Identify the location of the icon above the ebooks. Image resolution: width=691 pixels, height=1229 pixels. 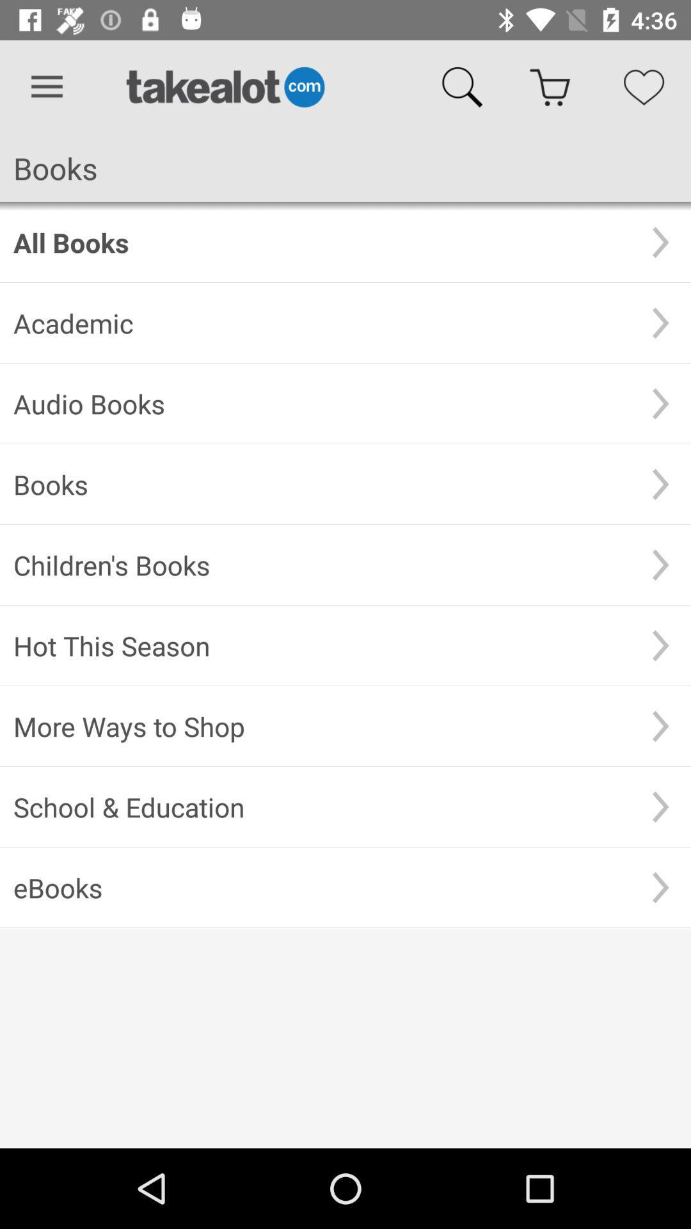
(321, 806).